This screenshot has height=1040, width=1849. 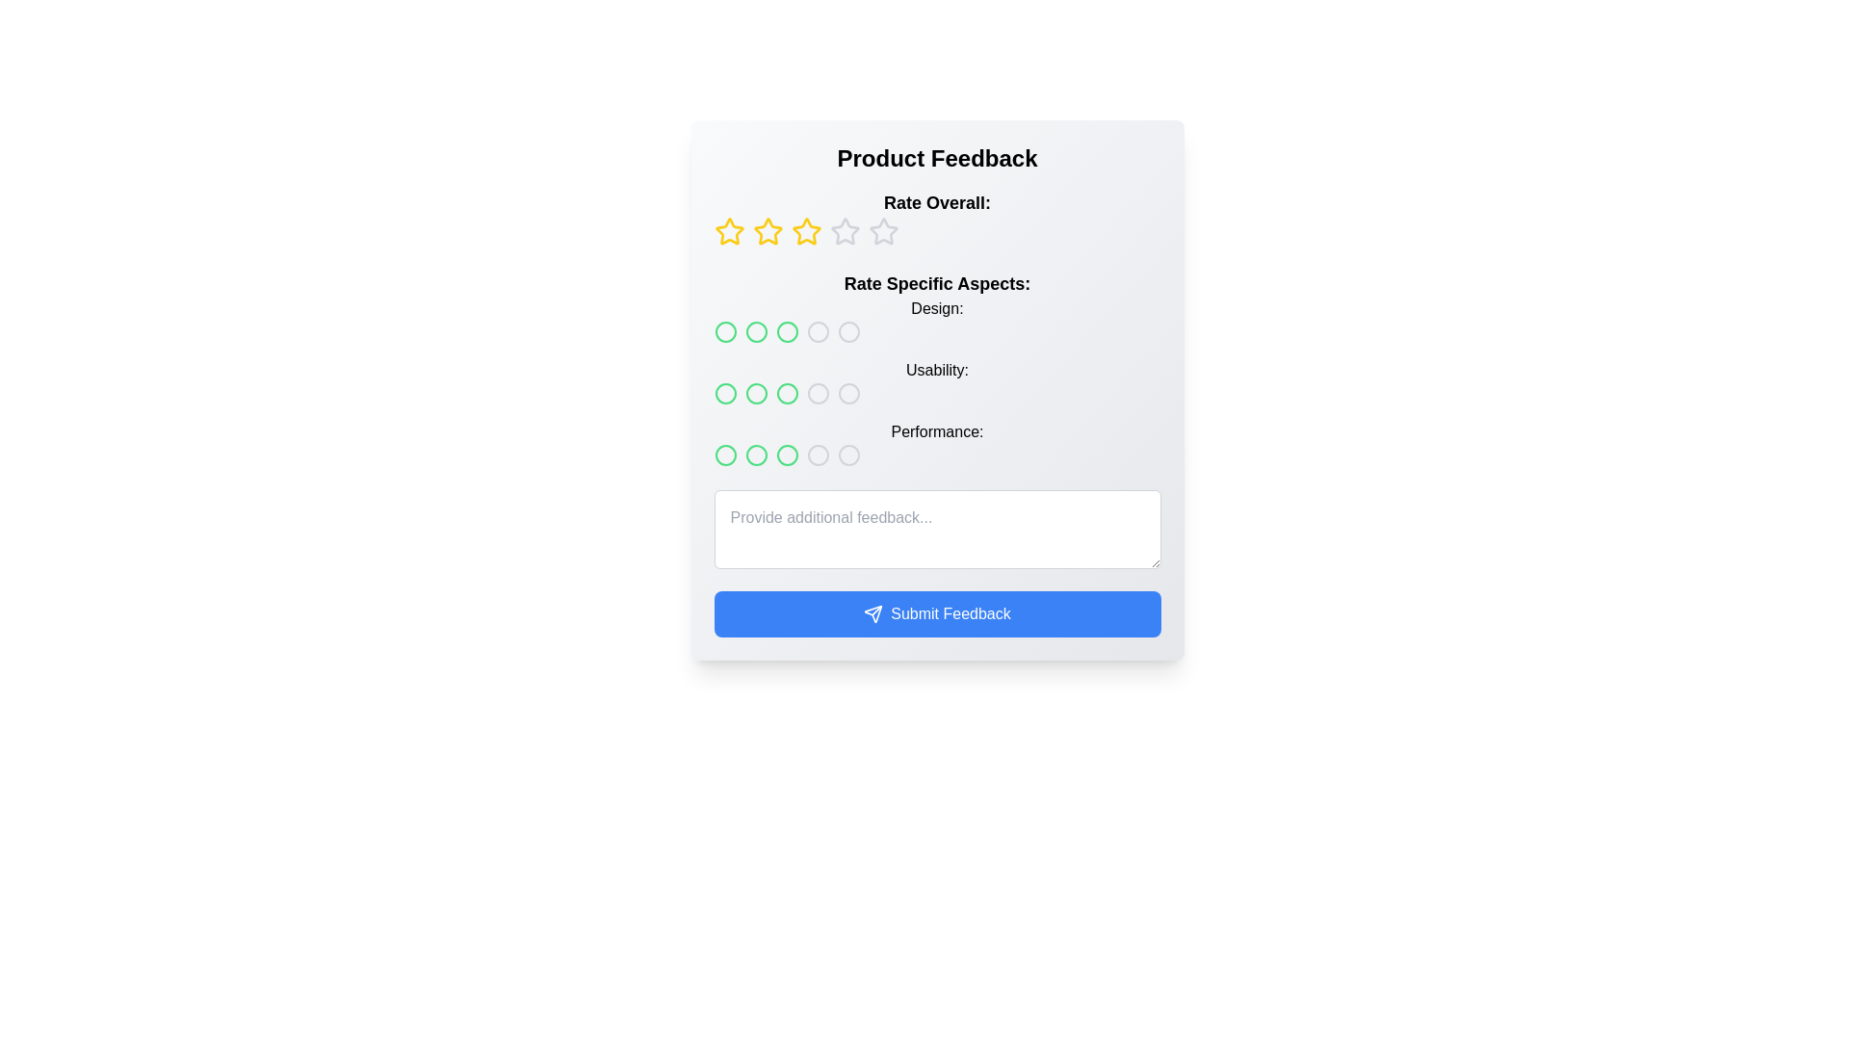 I want to click on the second interactive circle in the 'Rate Specific Aspects: Design' row, so click(x=787, y=330).